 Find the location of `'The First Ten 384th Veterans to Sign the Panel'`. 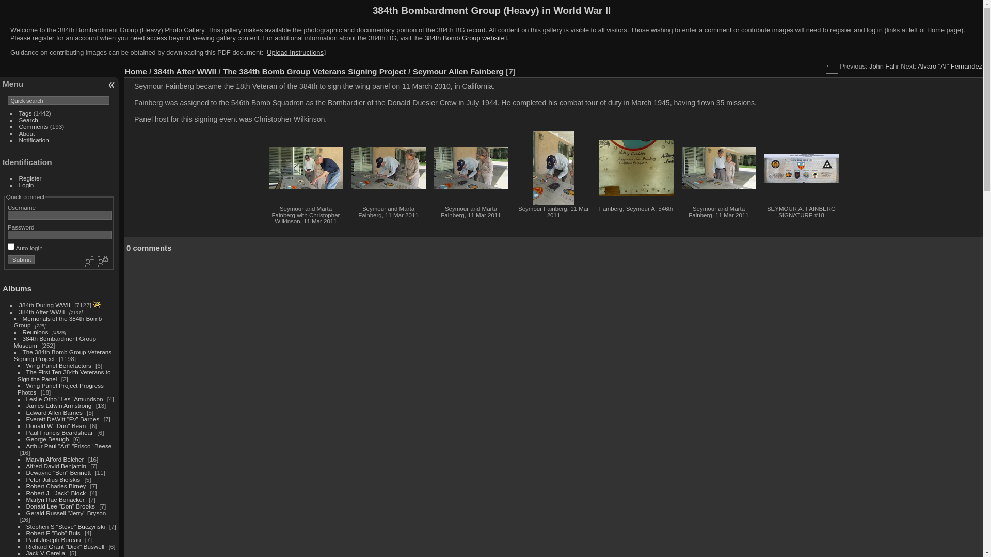

'The First Ten 384th Veterans to Sign the Panel' is located at coordinates (63, 375).